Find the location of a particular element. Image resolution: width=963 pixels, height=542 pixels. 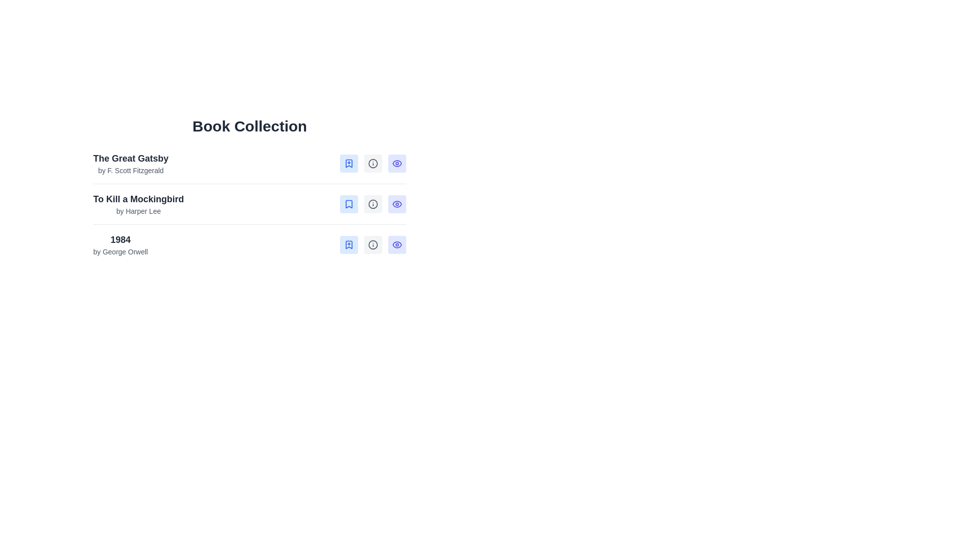

the static text label displaying the author's name for the book '1984', located below the title in the book information list is located at coordinates (120, 251).